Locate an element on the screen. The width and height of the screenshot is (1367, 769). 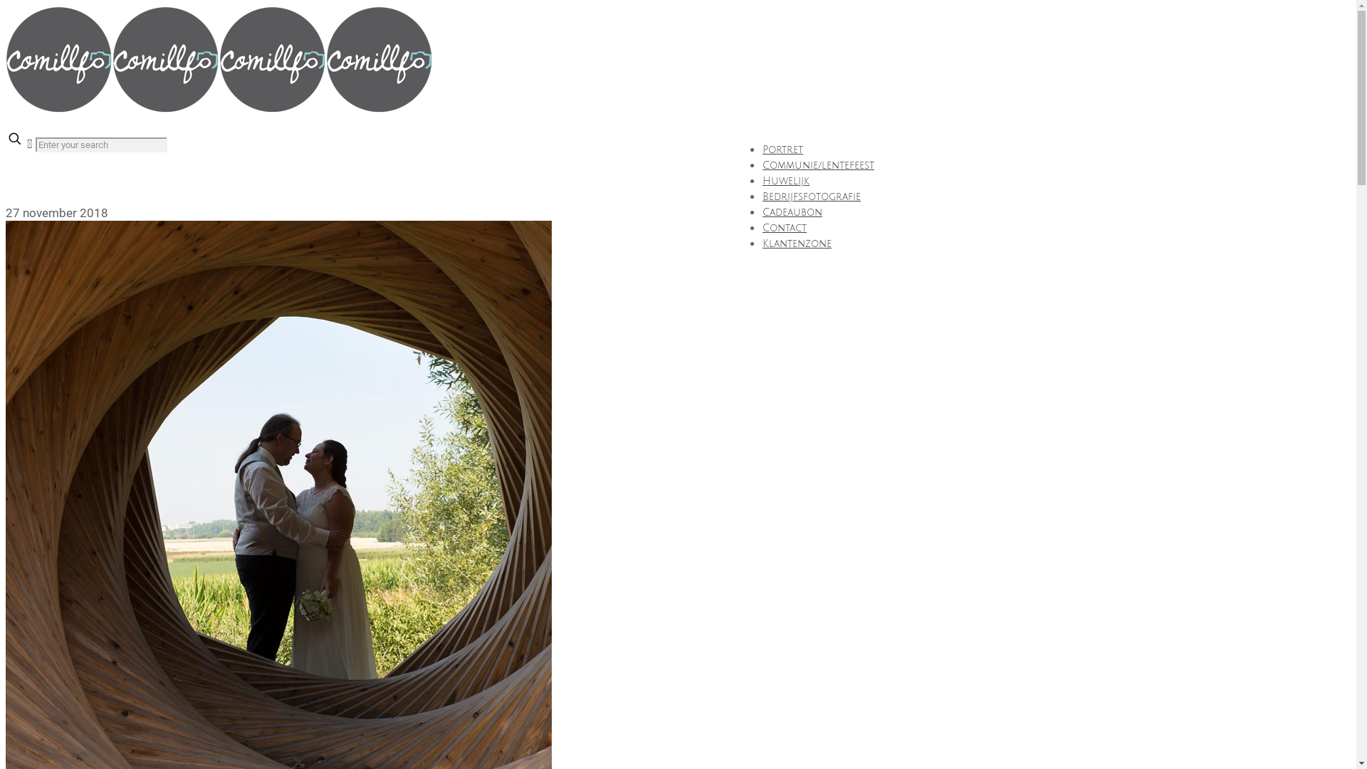
'Bedrijfsfotografie' is located at coordinates (812, 197).